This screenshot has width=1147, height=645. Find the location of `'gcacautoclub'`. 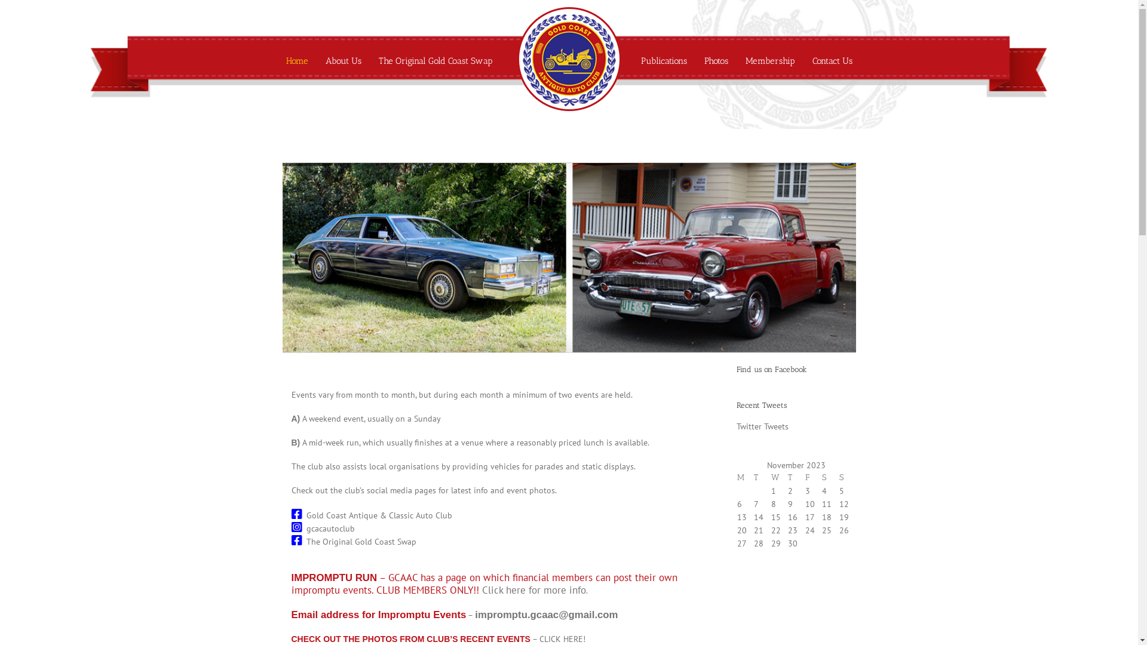

'gcacautoclub' is located at coordinates (330, 527).